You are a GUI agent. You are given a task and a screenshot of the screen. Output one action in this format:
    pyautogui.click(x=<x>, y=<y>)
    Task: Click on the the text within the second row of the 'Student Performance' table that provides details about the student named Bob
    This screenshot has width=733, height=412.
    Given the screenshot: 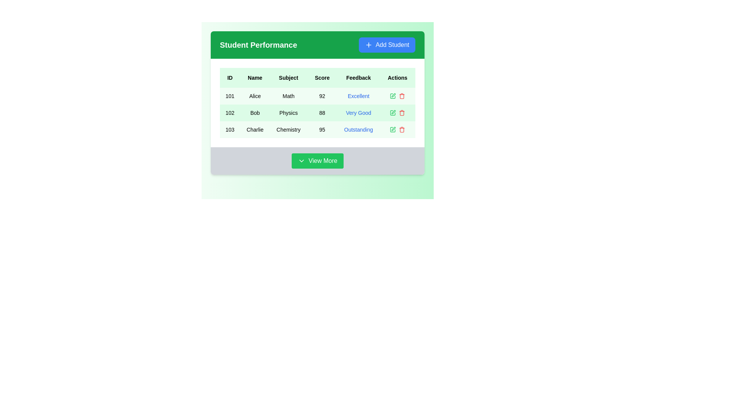 What is the action you would take?
    pyautogui.click(x=317, y=113)
    